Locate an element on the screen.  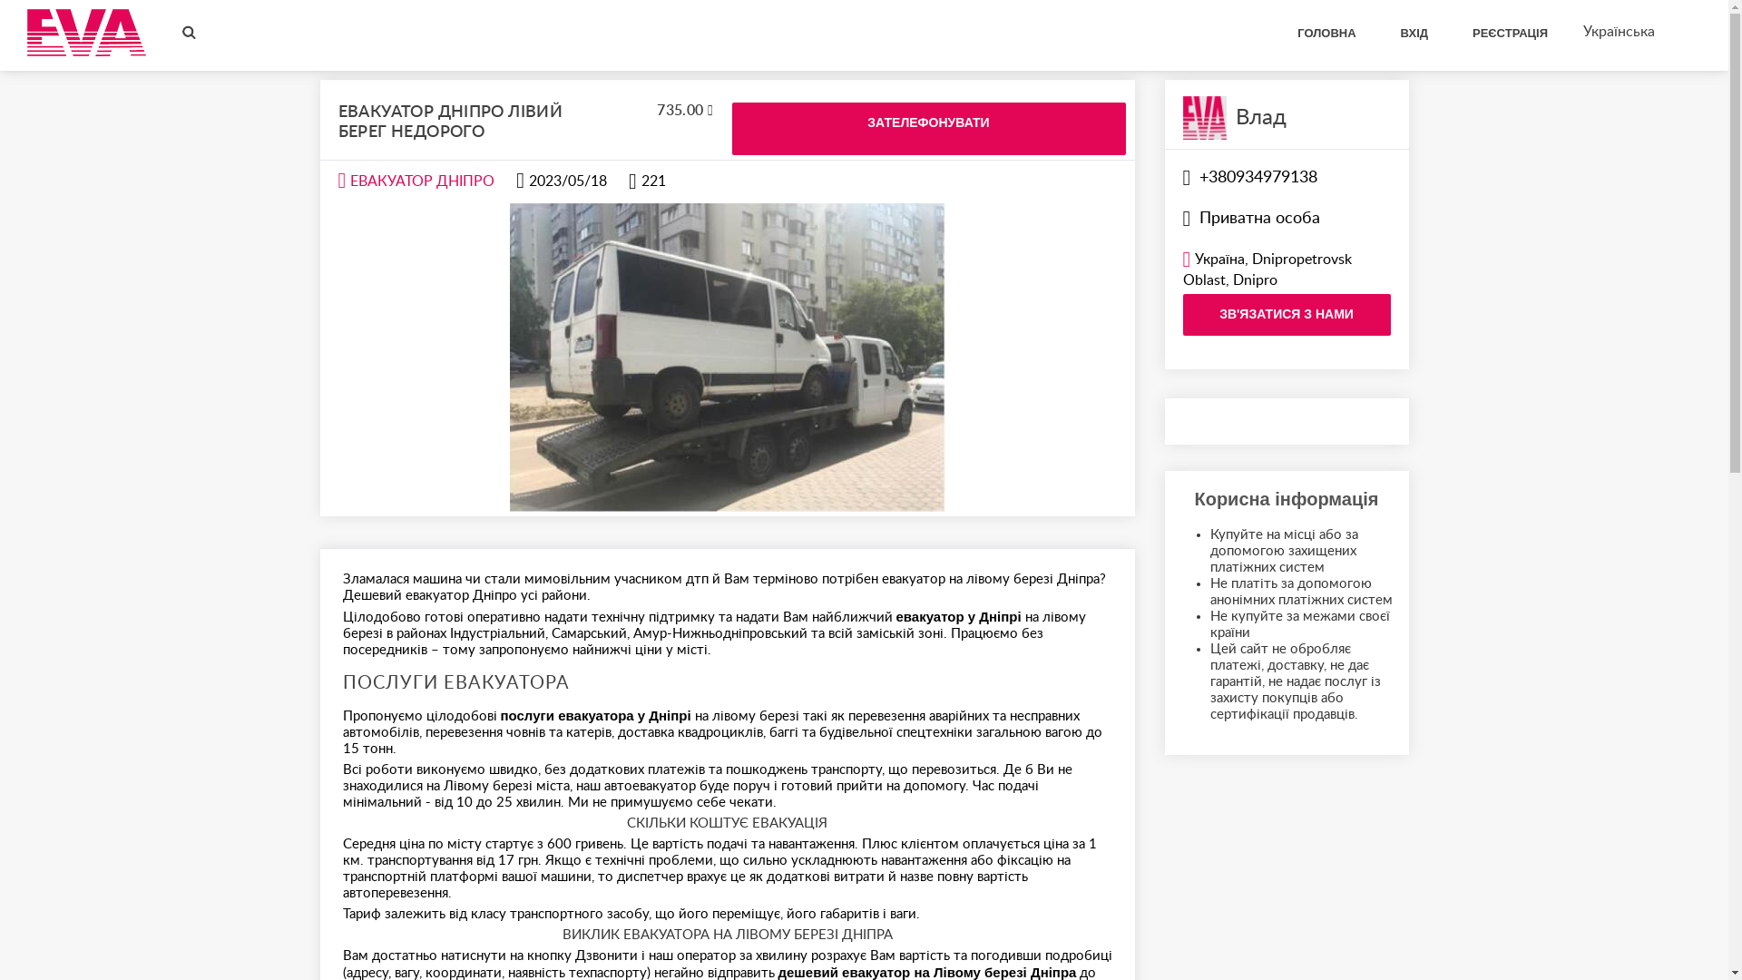
'eva' is located at coordinates (85, 32).